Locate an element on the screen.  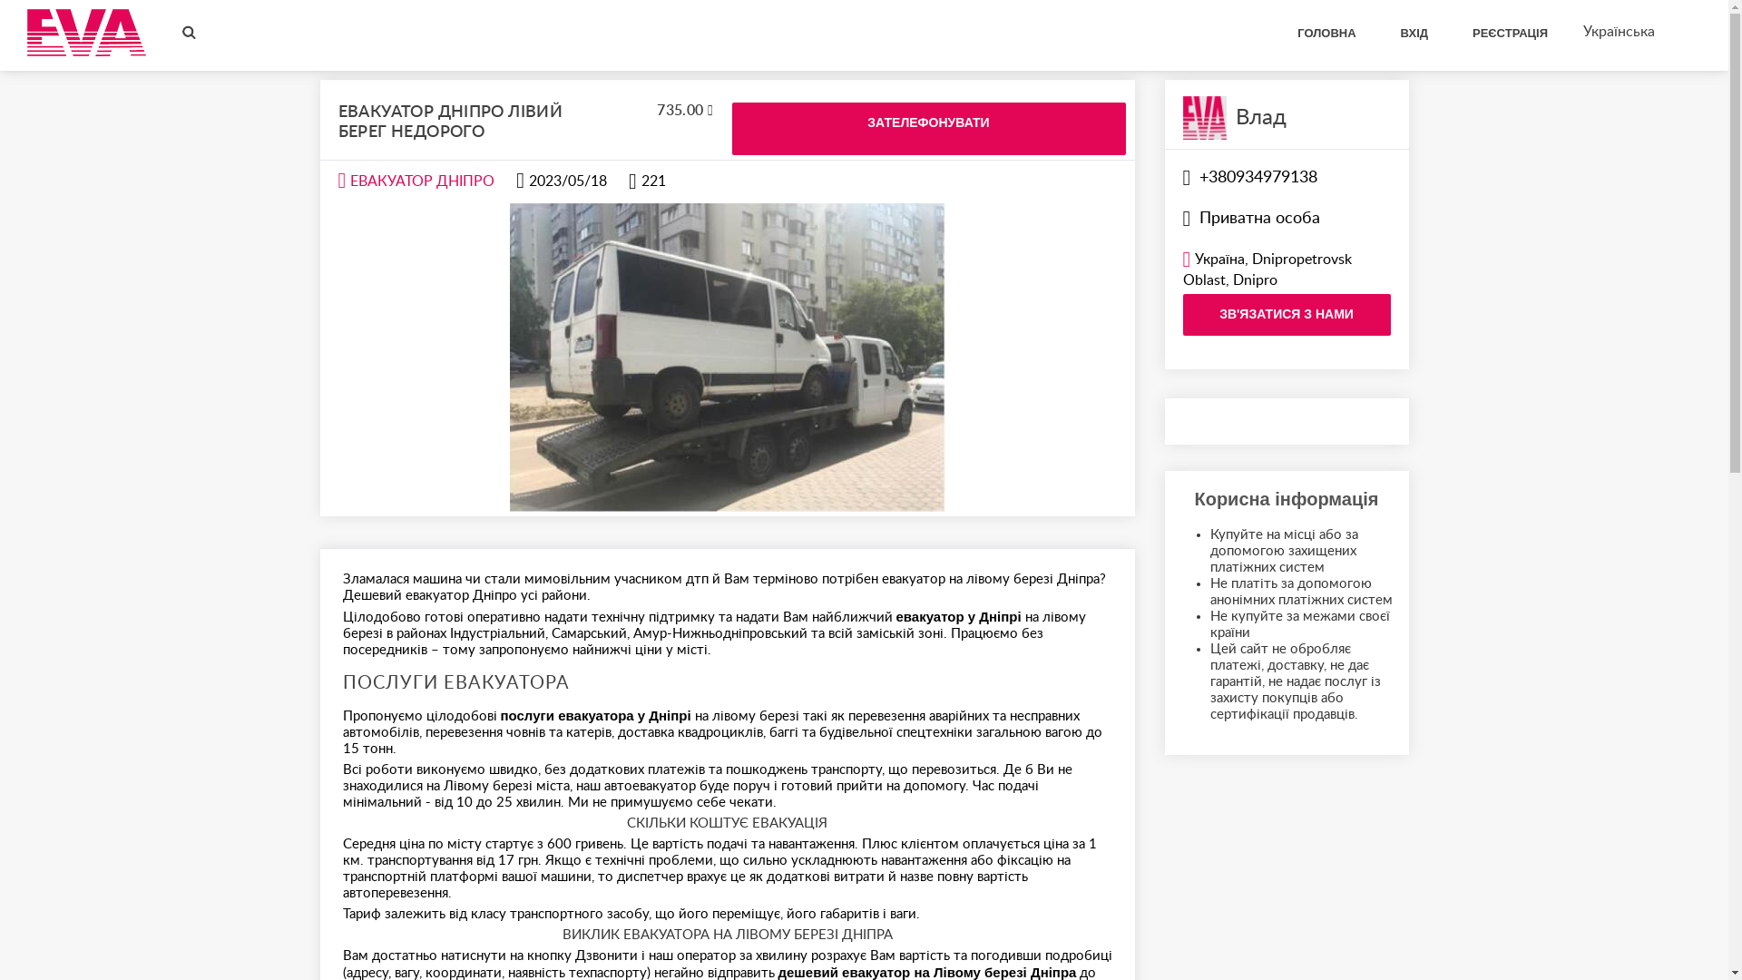
'eva' is located at coordinates (85, 32).